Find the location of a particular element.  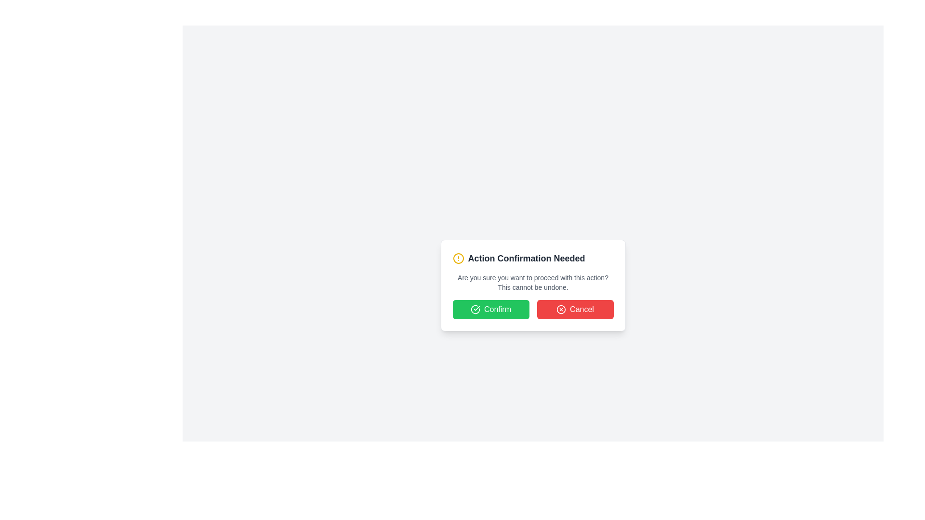

the circular icon with a check mark inside, which is styled with a green background and white border, located next to the text 'Confirm' in the dialog box is located at coordinates (476, 310).